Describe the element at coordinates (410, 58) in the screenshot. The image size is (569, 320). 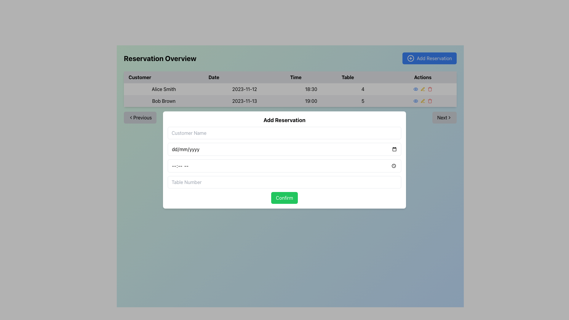
I see `the decorative icon that represents the 'add' functionality, located to the left of the text 'Add Reservation' in the button at the top-right corner of the interface` at that location.